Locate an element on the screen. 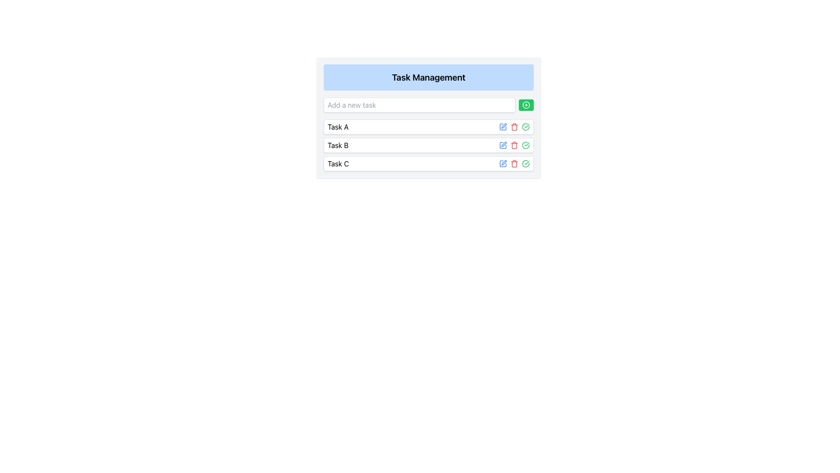 This screenshot has width=840, height=473. the header section with a blue background containing the bold black text 'Task Management' is located at coordinates (428, 77).